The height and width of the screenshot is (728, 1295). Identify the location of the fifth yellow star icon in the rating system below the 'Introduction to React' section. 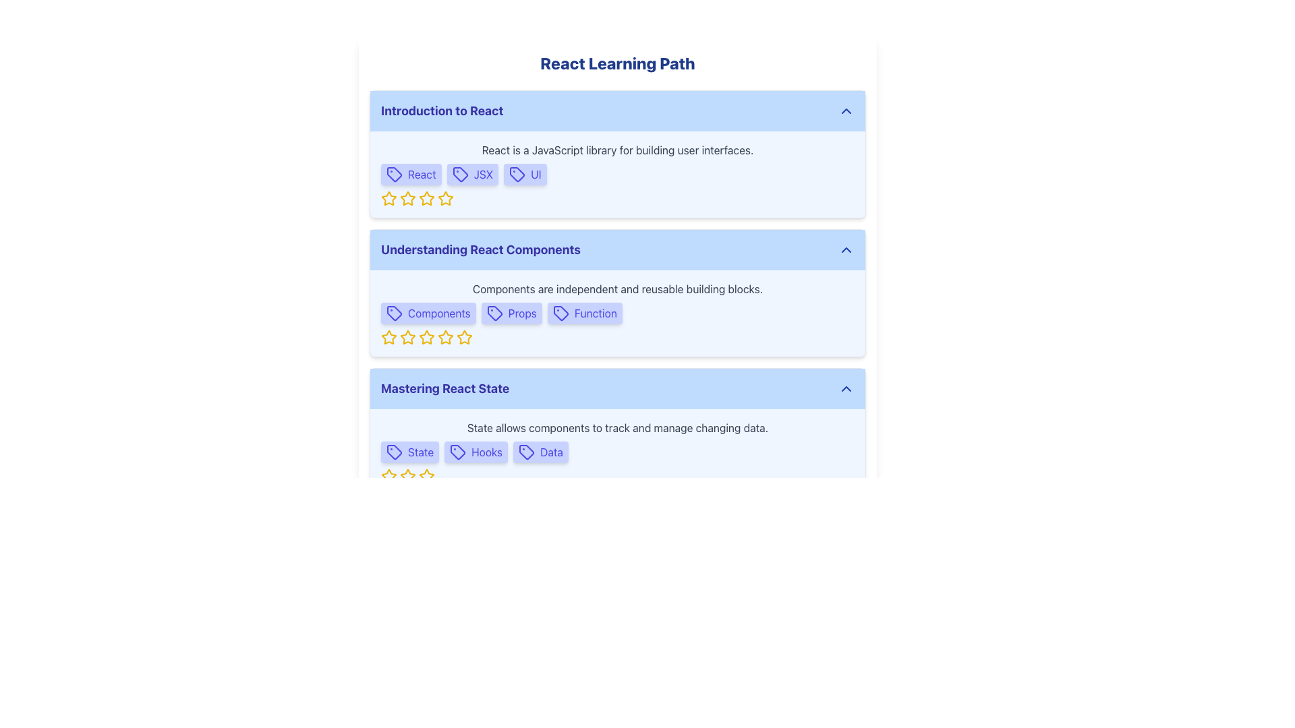
(446, 198).